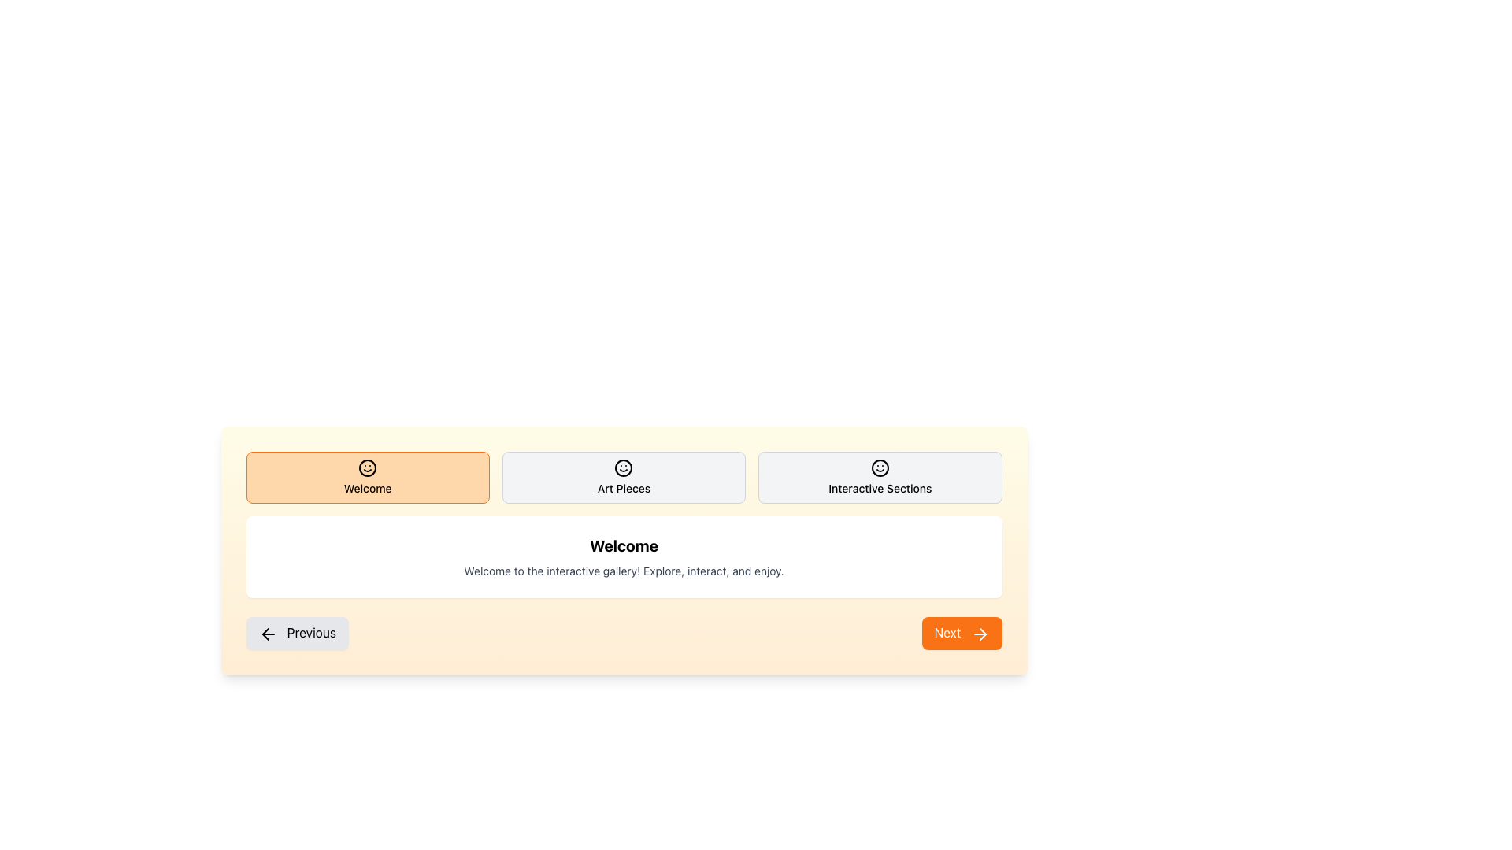 This screenshot has width=1512, height=850. What do you see at coordinates (623, 482) in the screenshot?
I see `the second navigation item in the horizontal row, which is used for selecting a category or section` at bounding box center [623, 482].